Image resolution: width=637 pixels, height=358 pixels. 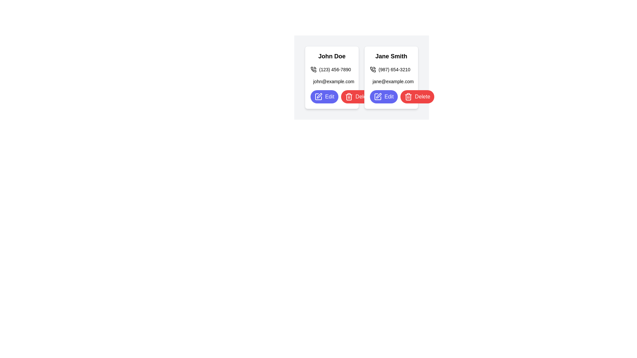 What do you see at coordinates (332, 56) in the screenshot?
I see `the Text Label displaying 'John Doe', which is located at the top of a card-like structure on the left-hand side of a two-card layout` at bounding box center [332, 56].